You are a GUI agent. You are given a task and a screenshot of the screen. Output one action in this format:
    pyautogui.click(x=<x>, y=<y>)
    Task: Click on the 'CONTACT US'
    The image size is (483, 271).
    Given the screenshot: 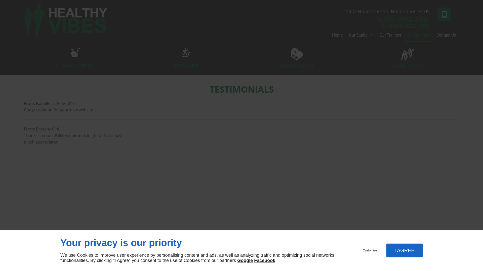 What is the action you would take?
    pyautogui.click(x=368, y=260)
    